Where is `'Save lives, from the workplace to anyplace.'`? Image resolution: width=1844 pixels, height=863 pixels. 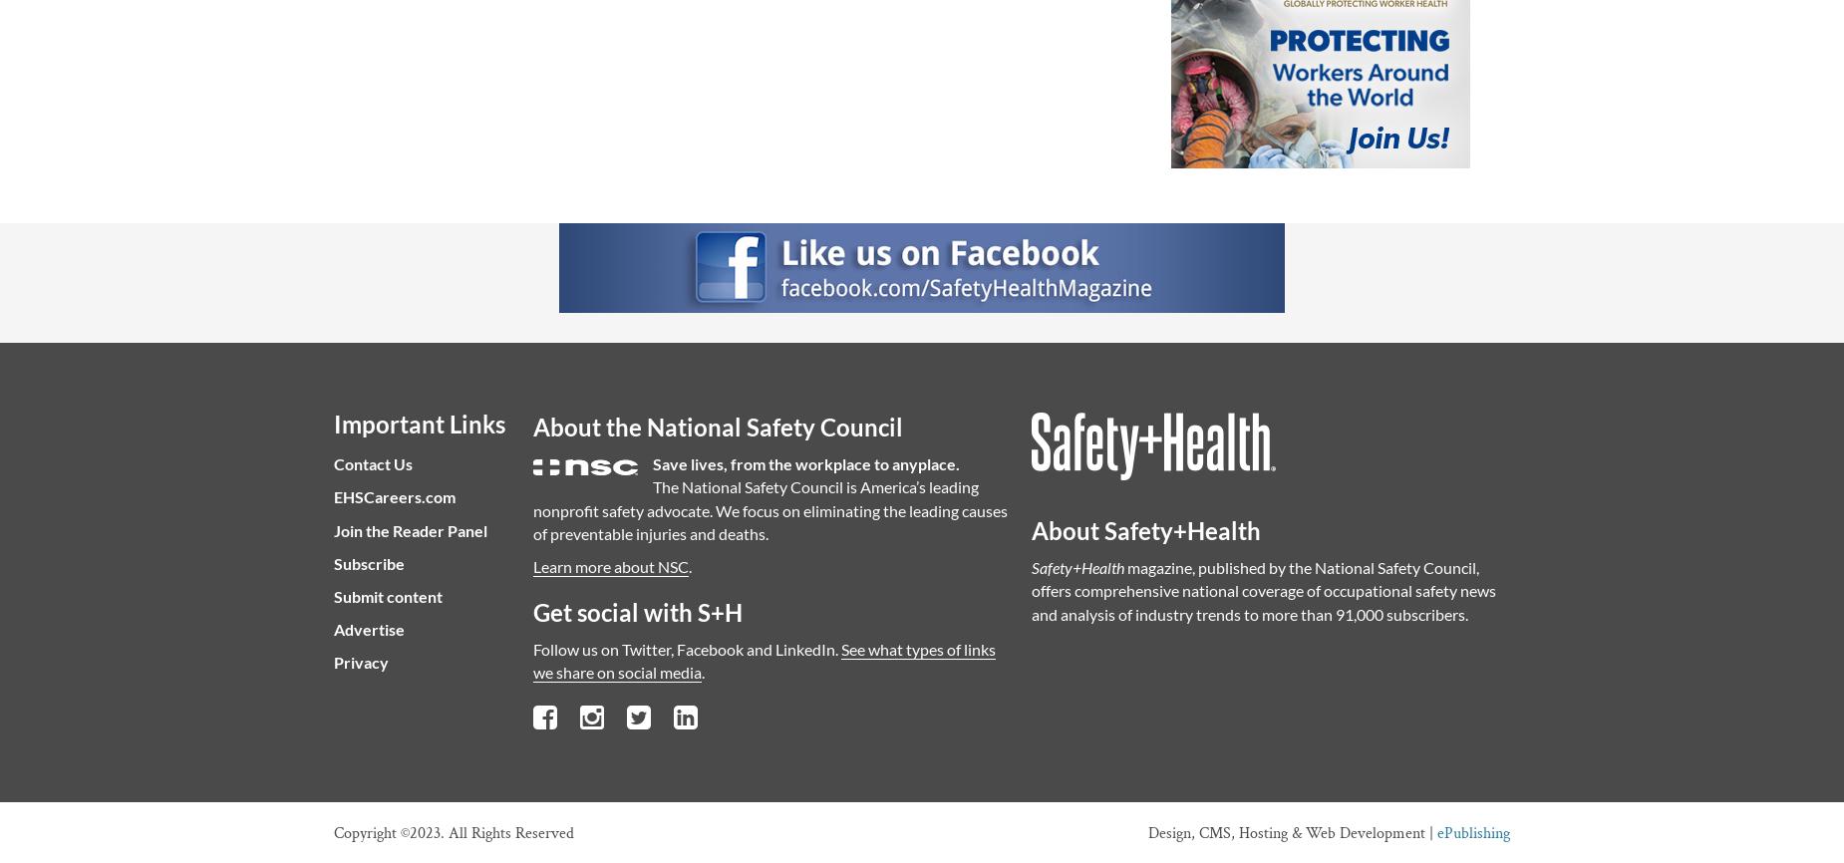 'Save lives, from the workplace to anyplace.' is located at coordinates (806, 463).